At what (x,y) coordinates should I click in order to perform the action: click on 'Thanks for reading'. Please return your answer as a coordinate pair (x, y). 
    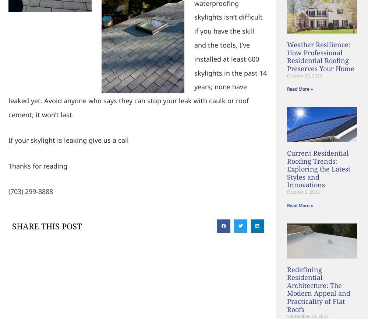
    Looking at the image, I should click on (37, 165).